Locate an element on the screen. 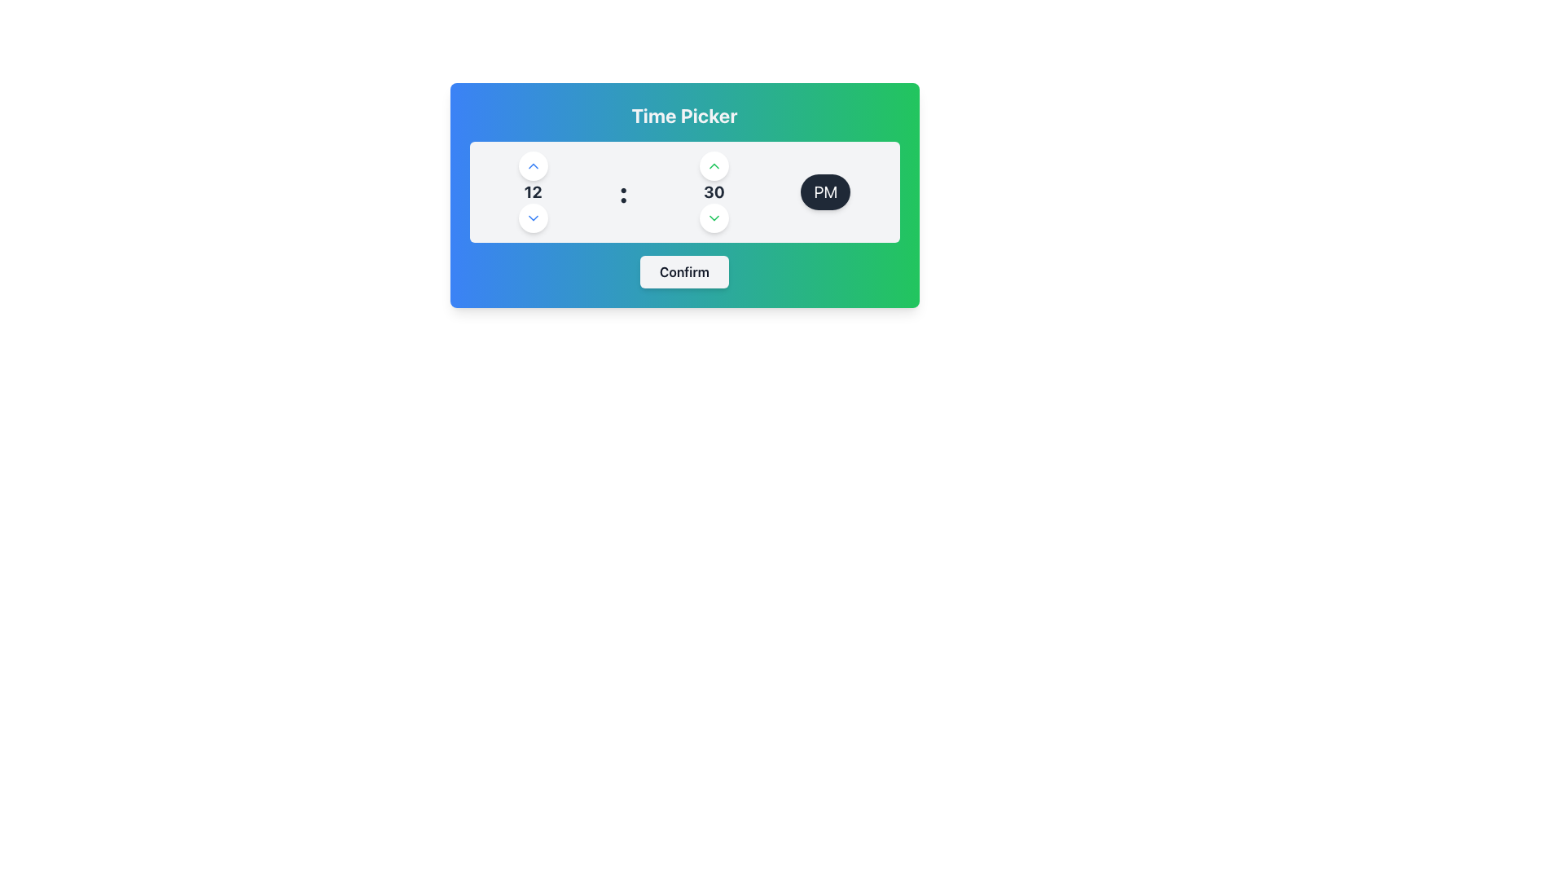  the lower rounded button with a white background and a blue downward-pointing chevron icon in the time picker interface to trigger hover effects is located at coordinates (533, 217).